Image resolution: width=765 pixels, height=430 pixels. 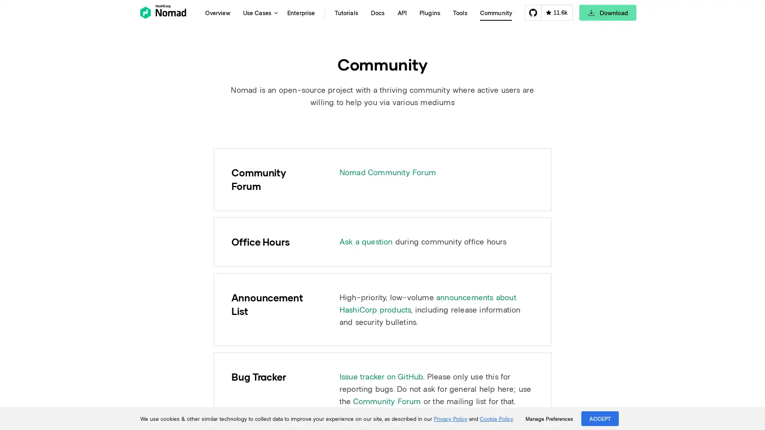 I want to click on Manage Preferences, so click(x=549, y=418).